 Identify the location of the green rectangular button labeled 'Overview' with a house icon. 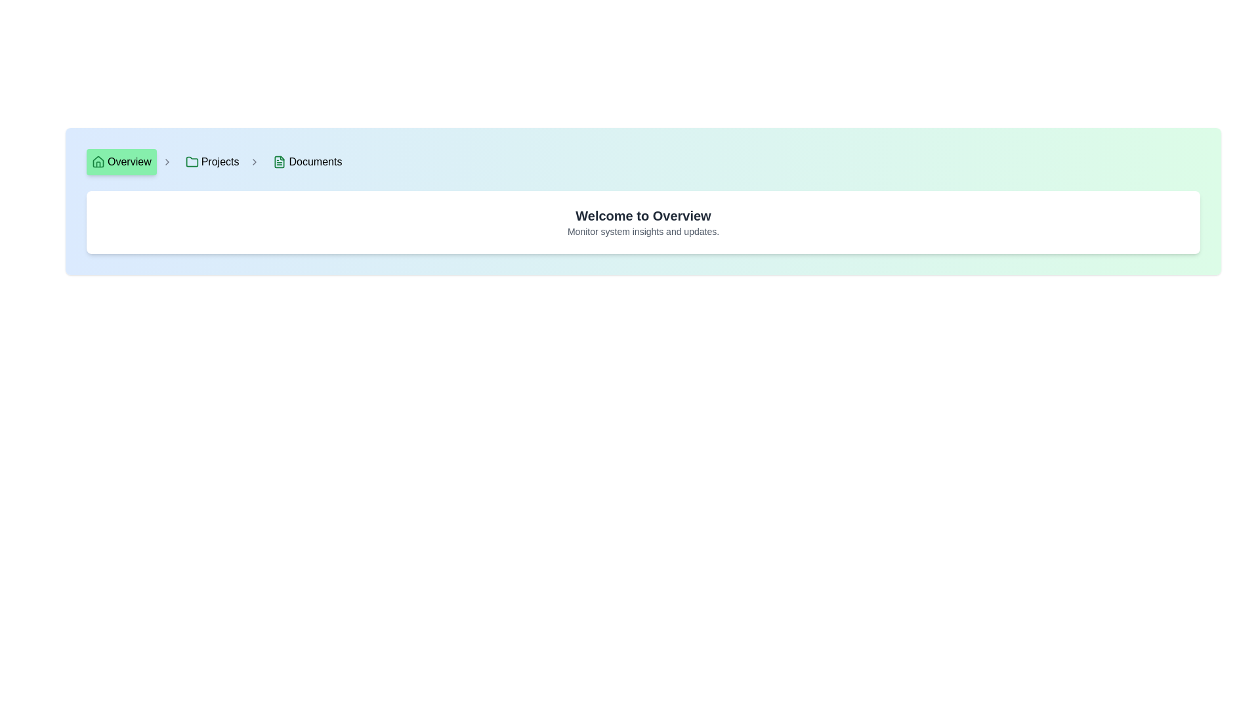
(129, 161).